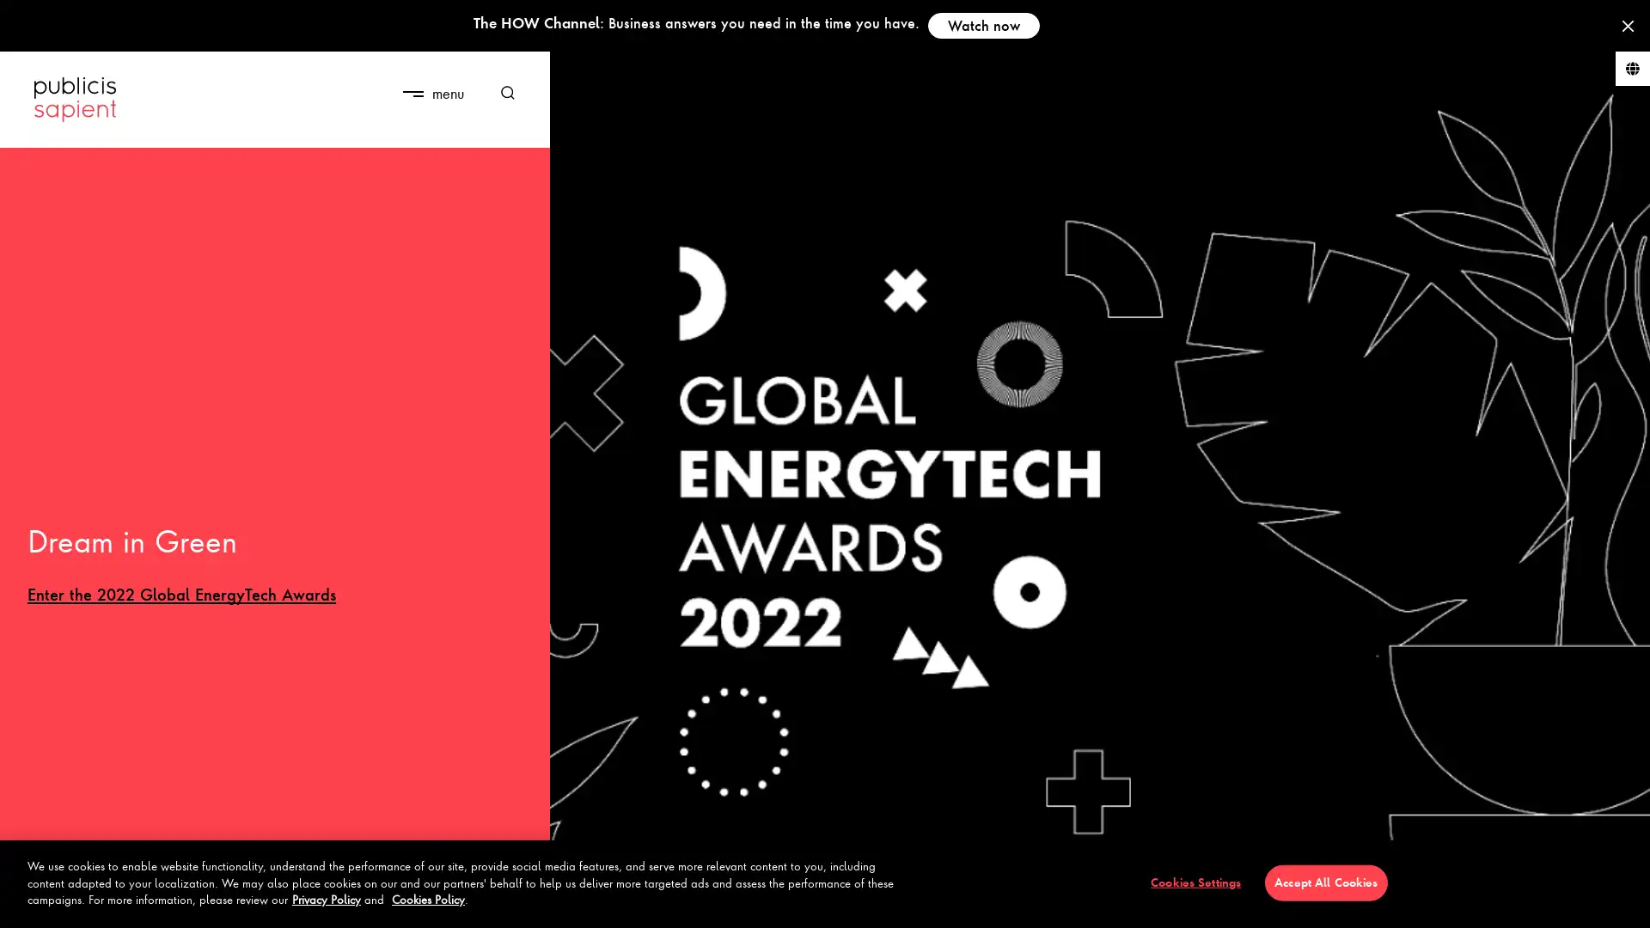 The height and width of the screenshot is (928, 1650). Describe the element at coordinates (518, 907) in the screenshot. I see `Stop automatic slide show` at that location.